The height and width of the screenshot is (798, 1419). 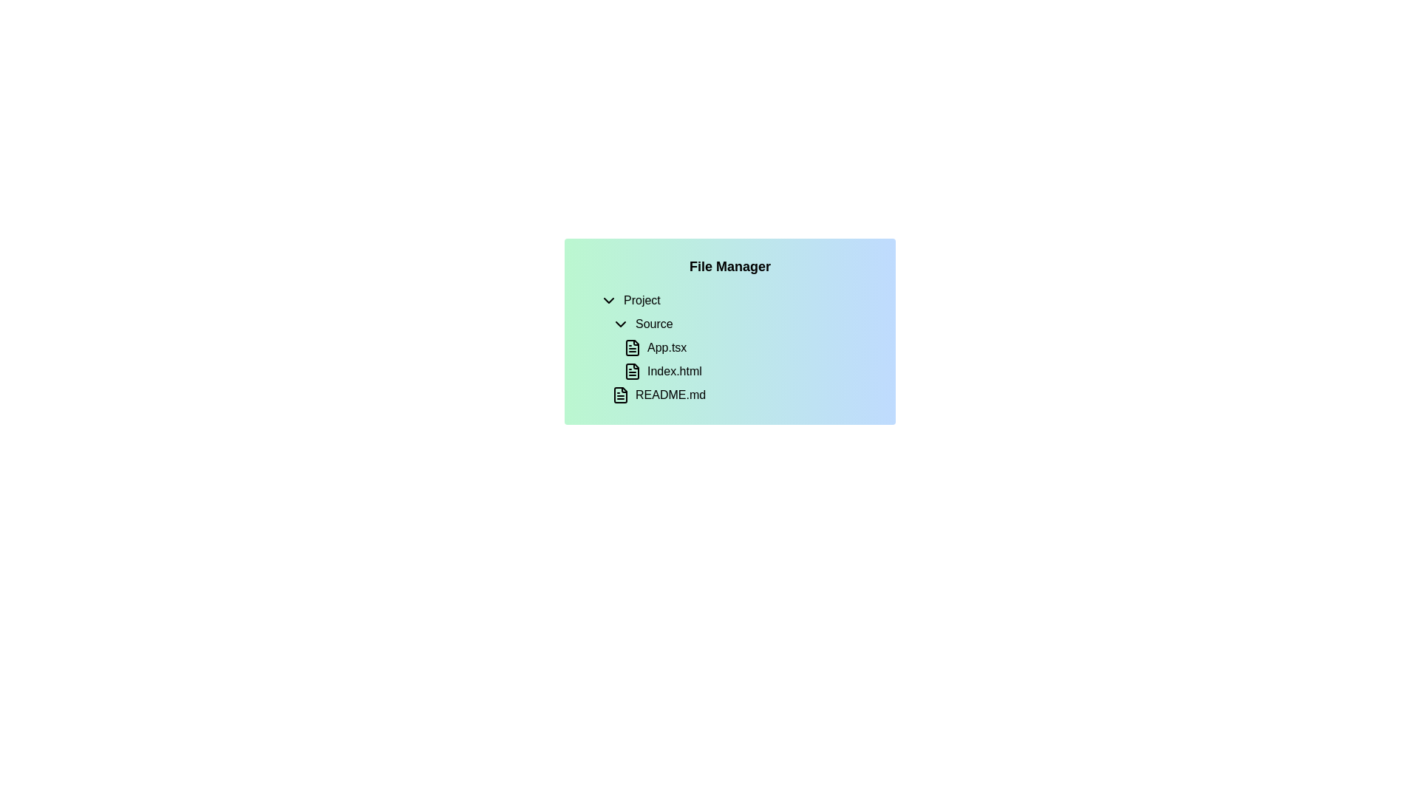 I want to click on text of the Heading that serves as a title for the file management section, located at the center top of the section with a gradient-filled background, so click(x=730, y=267).